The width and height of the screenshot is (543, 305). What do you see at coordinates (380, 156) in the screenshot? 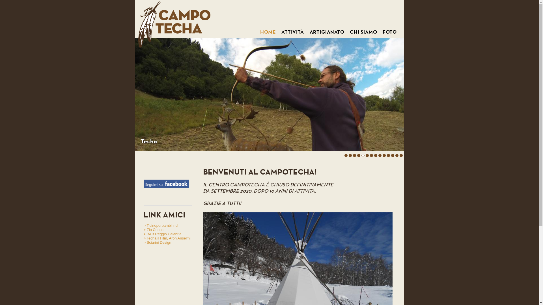
I see `'9'` at bounding box center [380, 156].